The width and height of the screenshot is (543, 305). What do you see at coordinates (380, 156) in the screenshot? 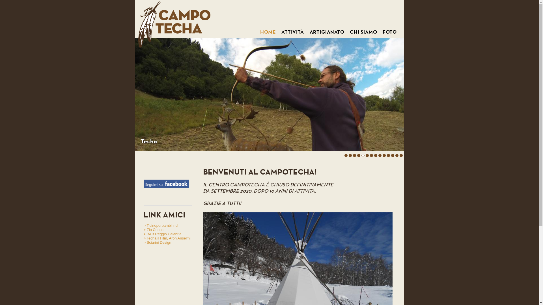
I see `'9'` at bounding box center [380, 156].